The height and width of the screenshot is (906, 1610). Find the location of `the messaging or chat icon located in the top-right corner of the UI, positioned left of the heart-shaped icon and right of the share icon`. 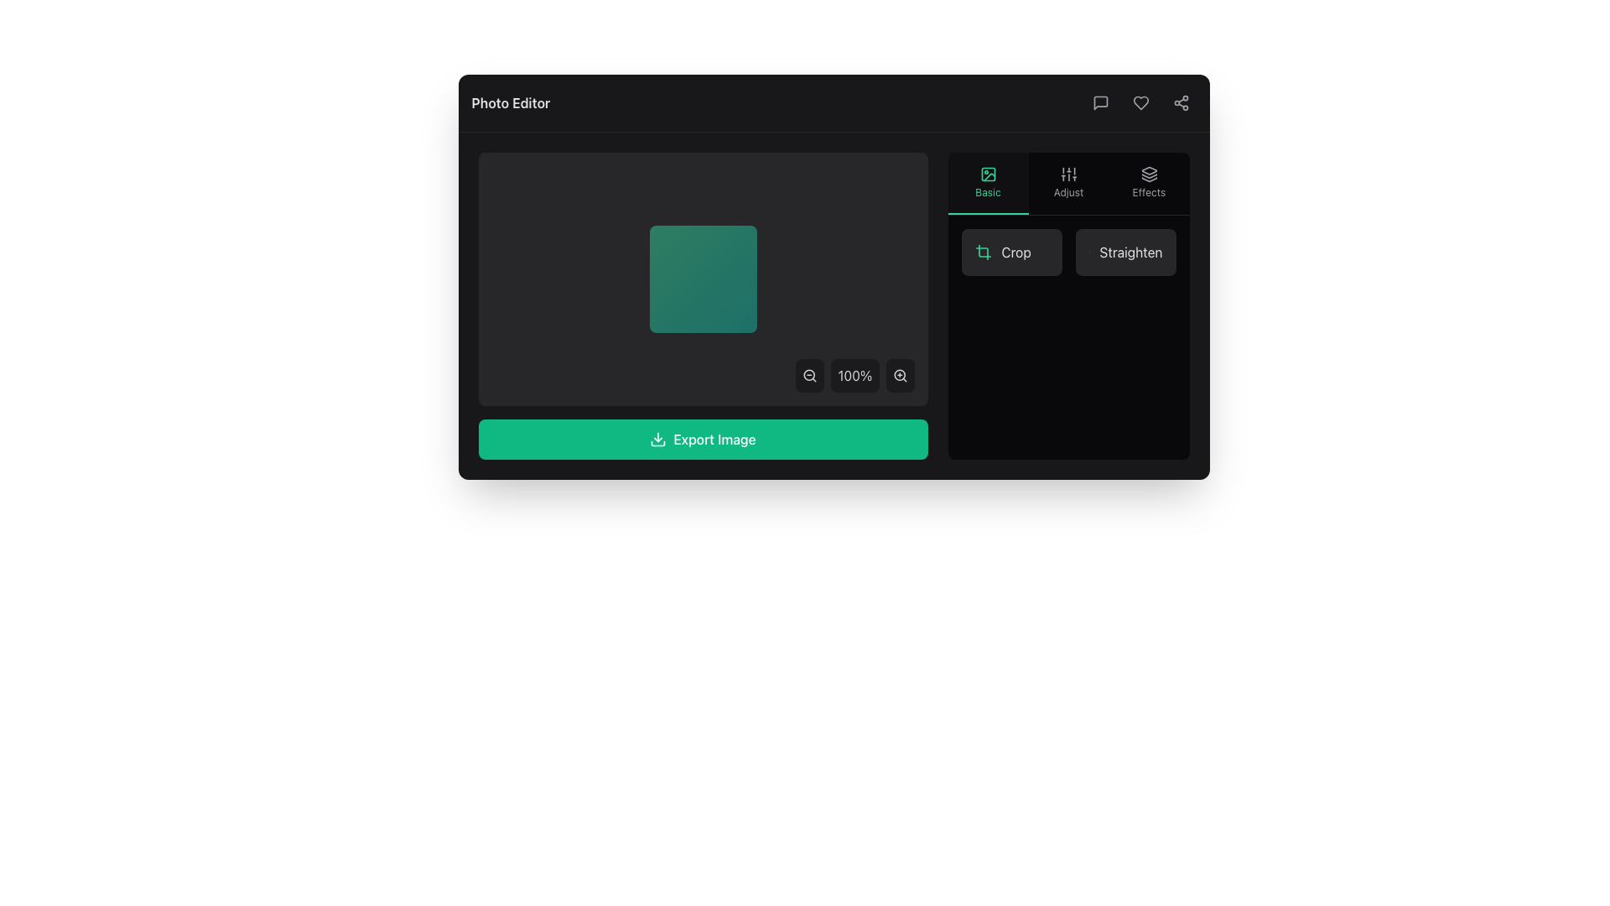

the messaging or chat icon located in the top-right corner of the UI, positioned left of the heart-shaped icon and right of the share icon is located at coordinates (1100, 103).